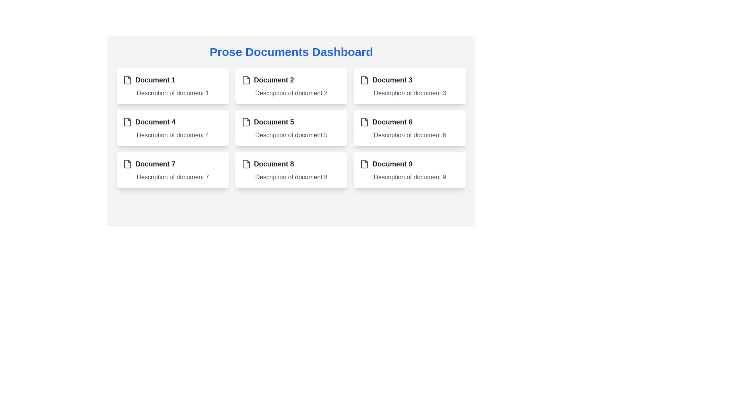 This screenshot has width=747, height=420. What do you see at coordinates (409, 170) in the screenshot?
I see `the Informative card located` at bounding box center [409, 170].